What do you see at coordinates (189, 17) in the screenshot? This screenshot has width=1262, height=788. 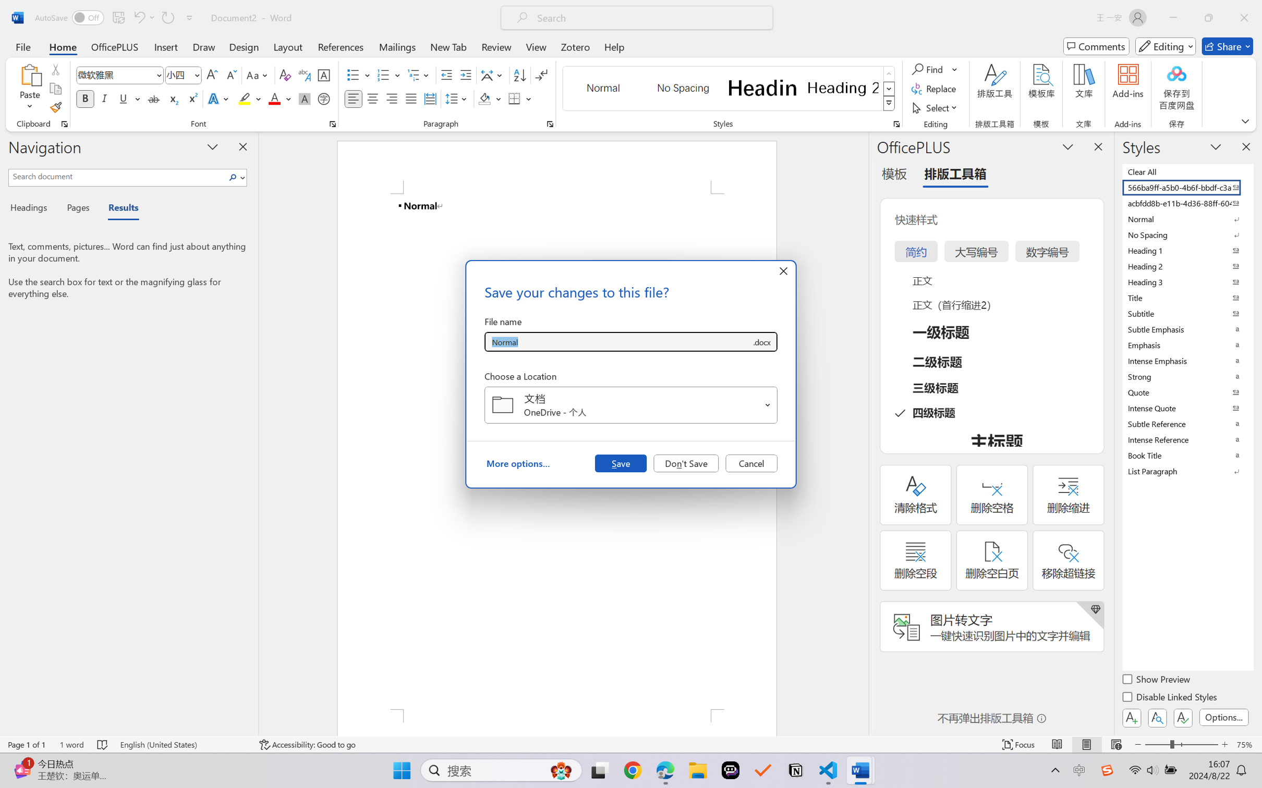 I see `'Customize Quick Access Toolbar'` at bounding box center [189, 17].